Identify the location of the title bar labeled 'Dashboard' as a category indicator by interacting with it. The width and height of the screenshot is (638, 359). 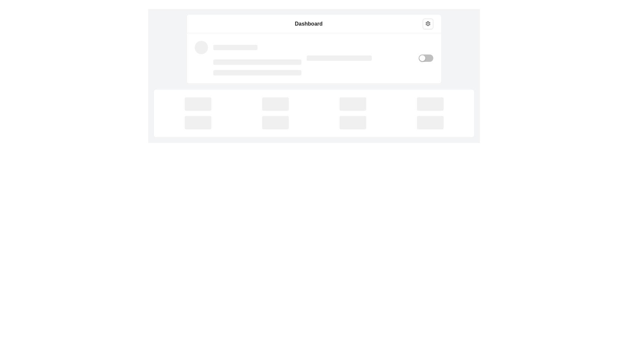
(314, 23).